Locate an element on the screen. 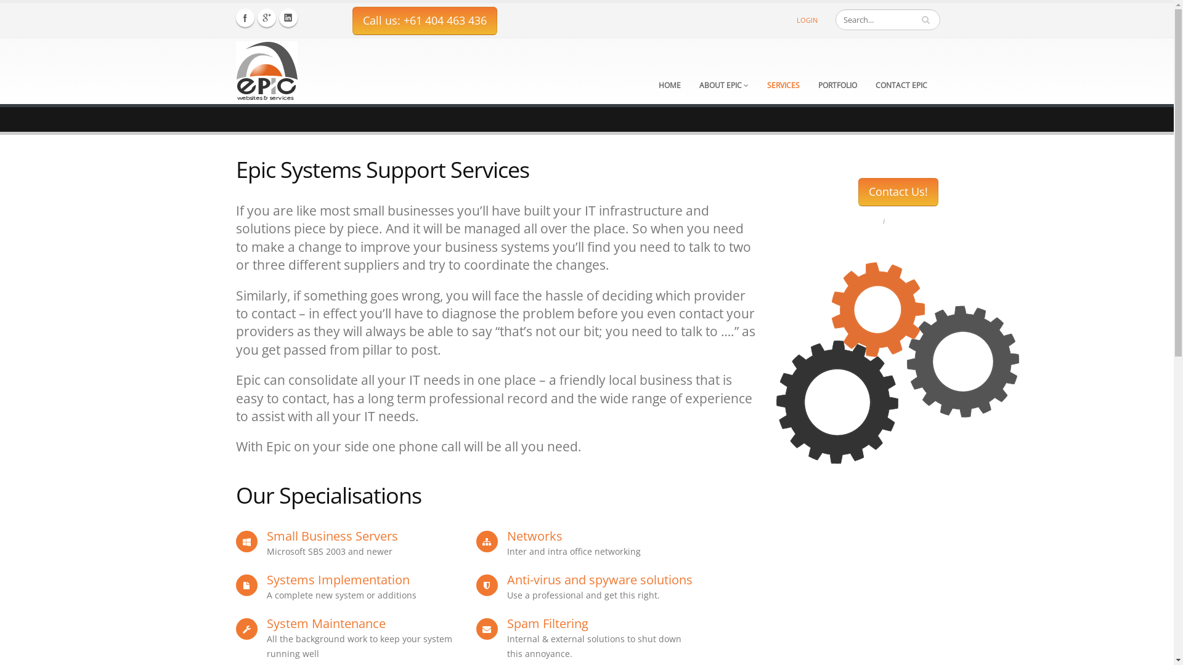 This screenshot has height=665, width=1183. 'LOGIN' is located at coordinates (807, 20).